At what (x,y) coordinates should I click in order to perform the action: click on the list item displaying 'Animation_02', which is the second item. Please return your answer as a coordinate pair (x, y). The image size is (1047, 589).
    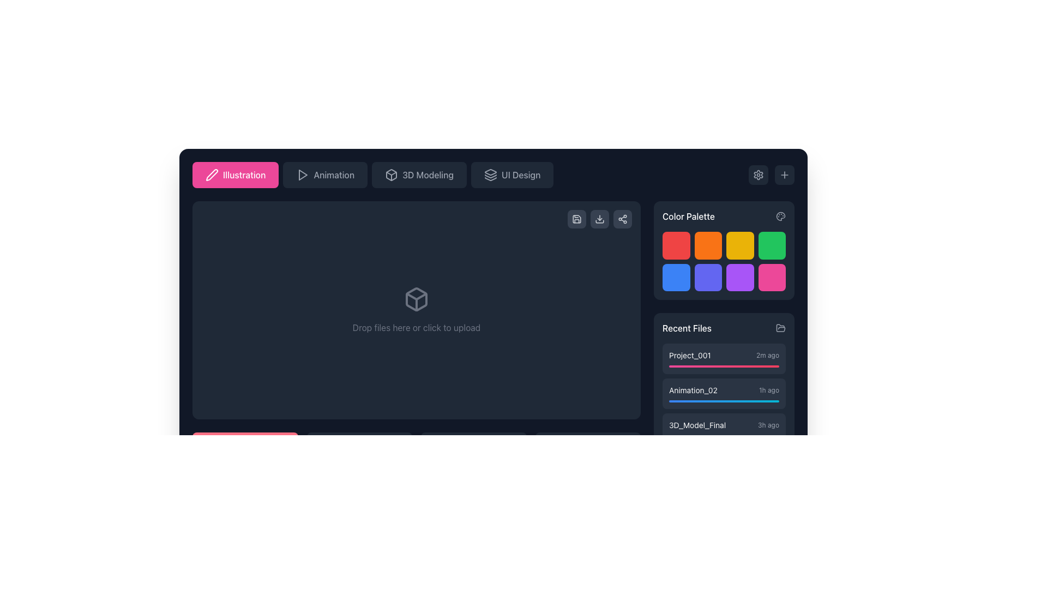
    Looking at the image, I should click on (724, 393).